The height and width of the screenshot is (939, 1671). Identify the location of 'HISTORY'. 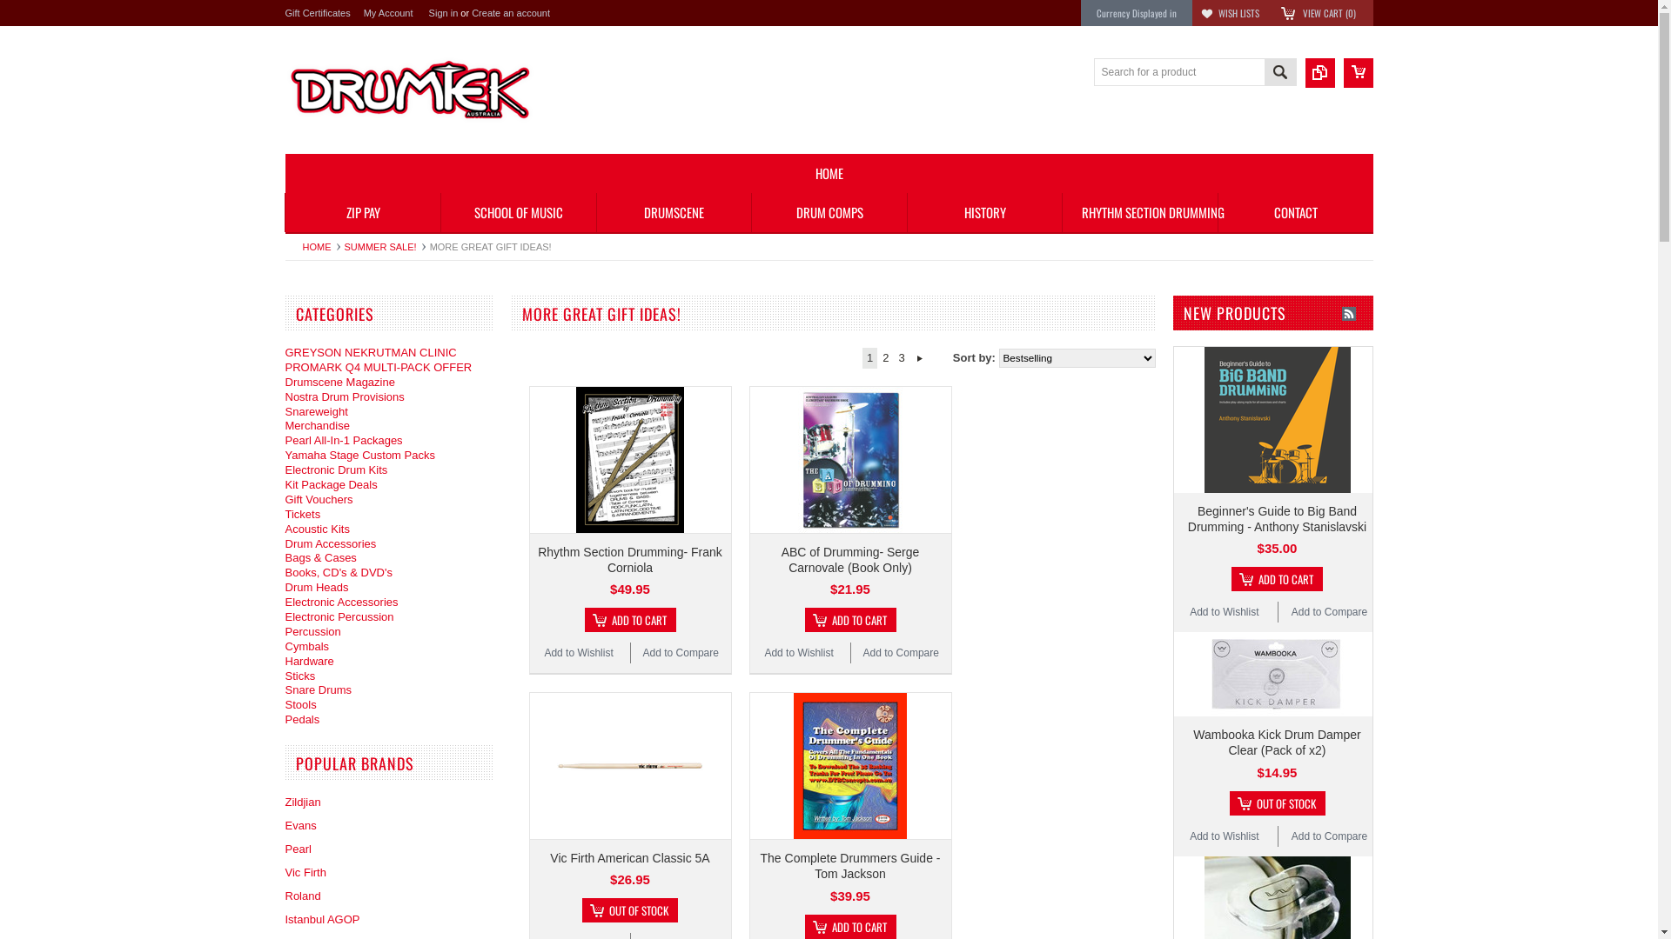
(905, 211).